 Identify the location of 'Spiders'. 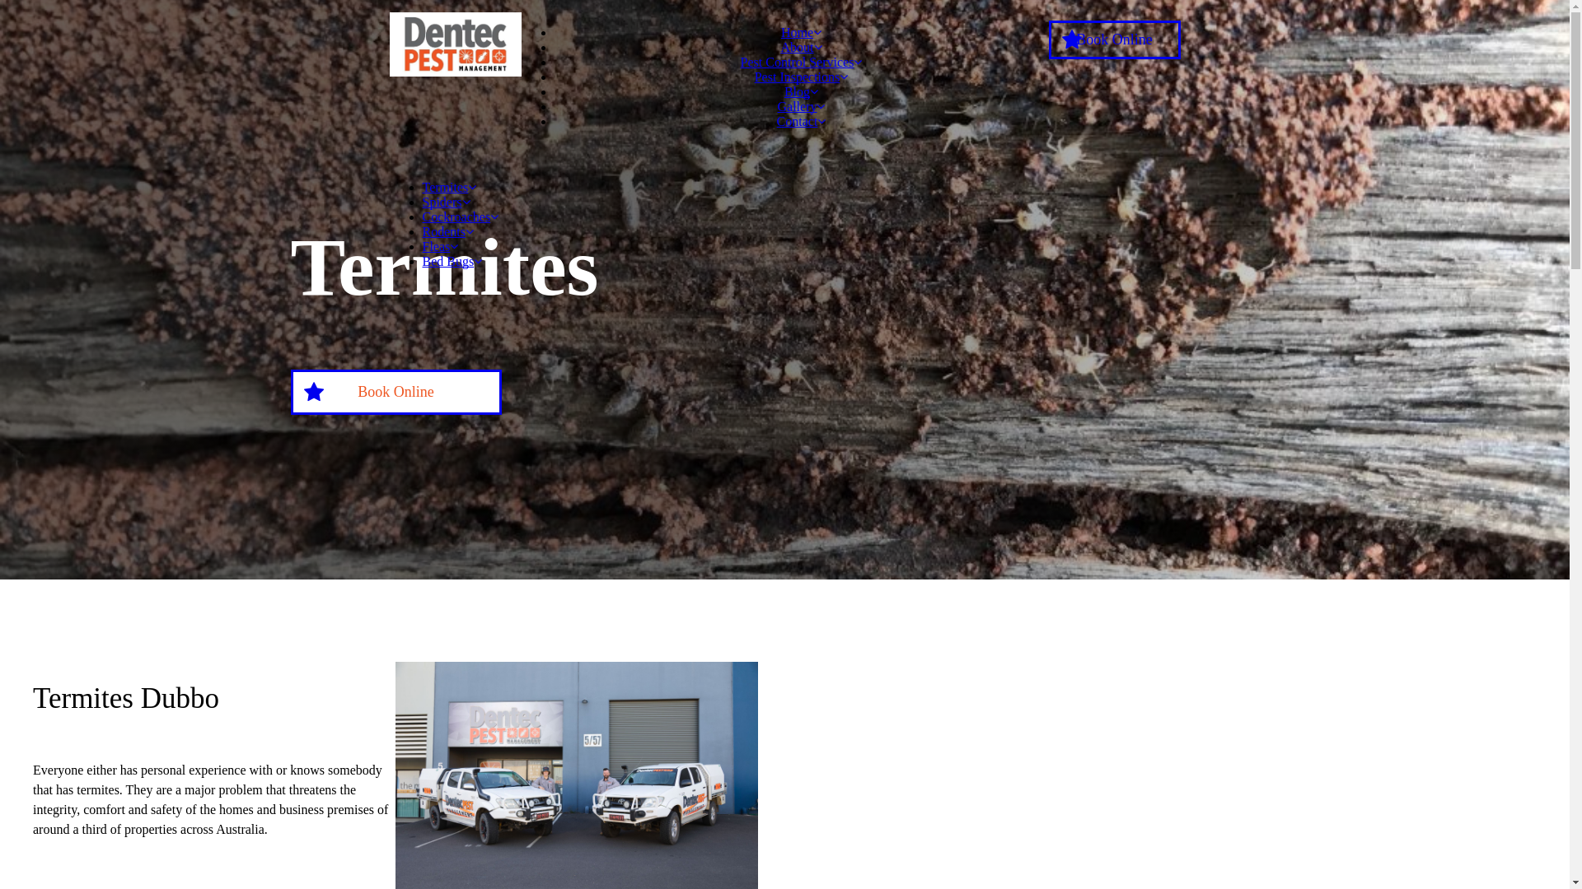
(422, 201).